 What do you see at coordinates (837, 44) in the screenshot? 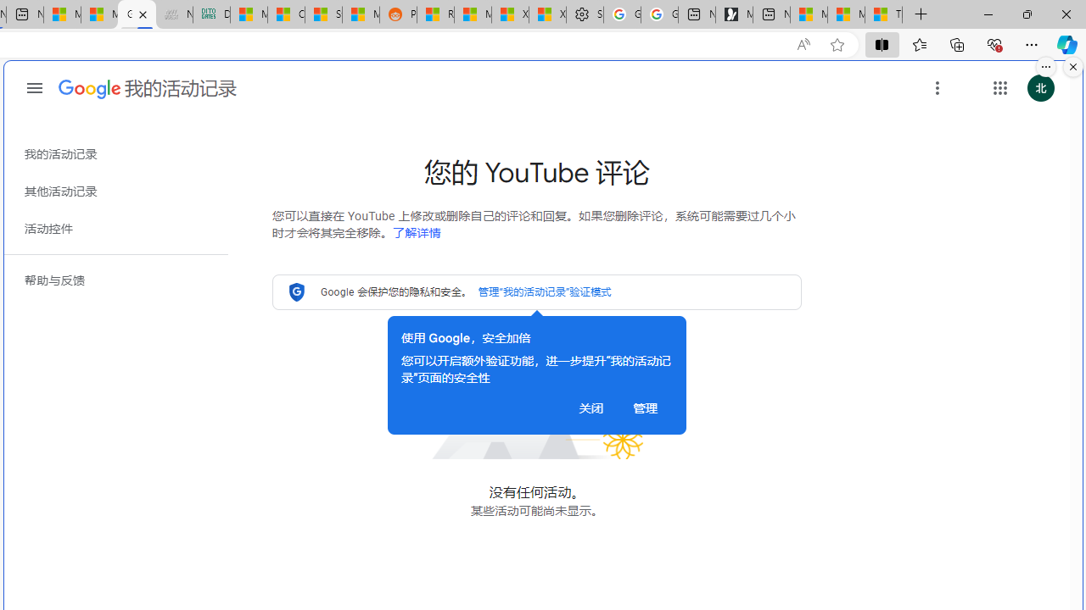
I see `'Add this page to favorites (Ctrl+D)'` at bounding box center [837, 44].